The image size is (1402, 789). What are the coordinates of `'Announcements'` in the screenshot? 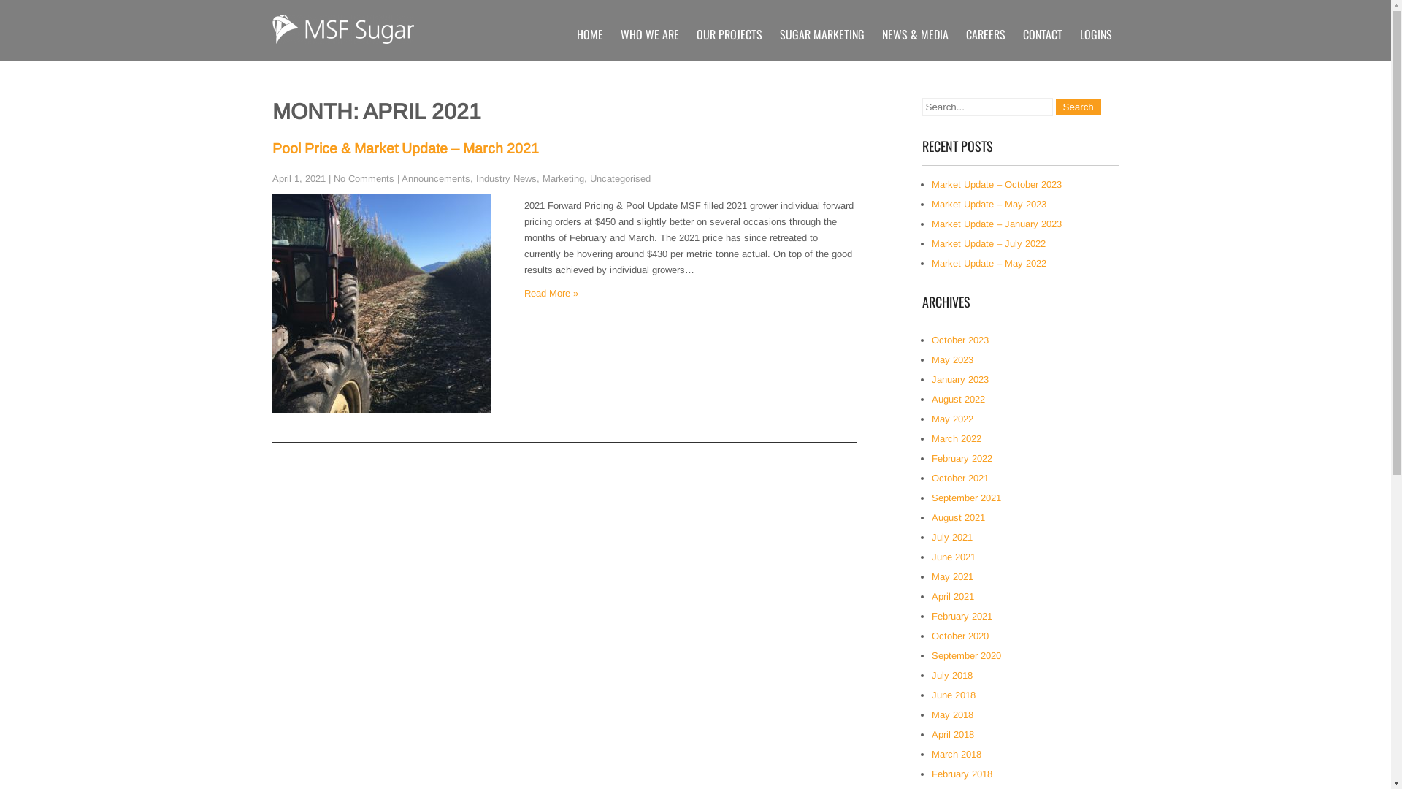 It's located at (434, 178).